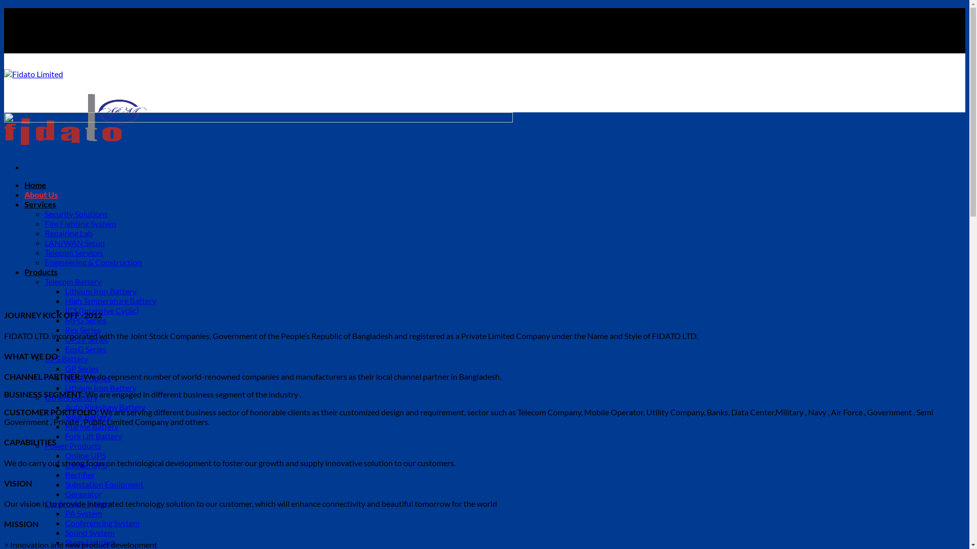 Image resolution: width=977 pixels, height=549 pixels. I want to click on 'Rectifier', so click(79, 474).